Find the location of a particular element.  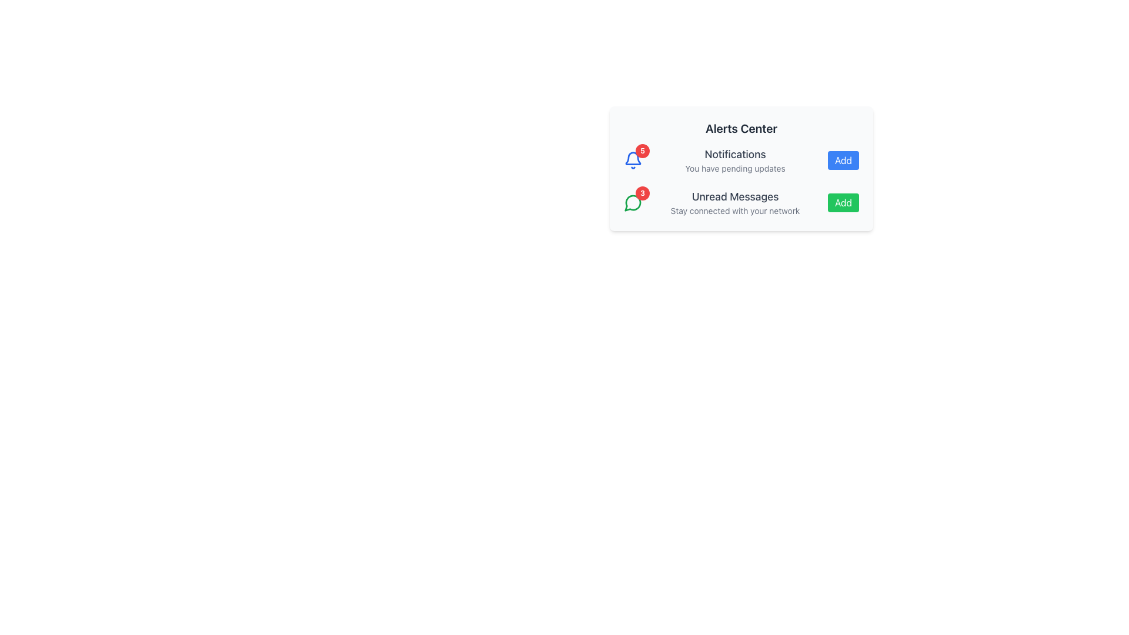

the header text indicating the topic of unread messages located in the 'Alerts Center' section, positioned to the right of a green chat icon with a badge showing '3' is located at coordinates (734, 196).